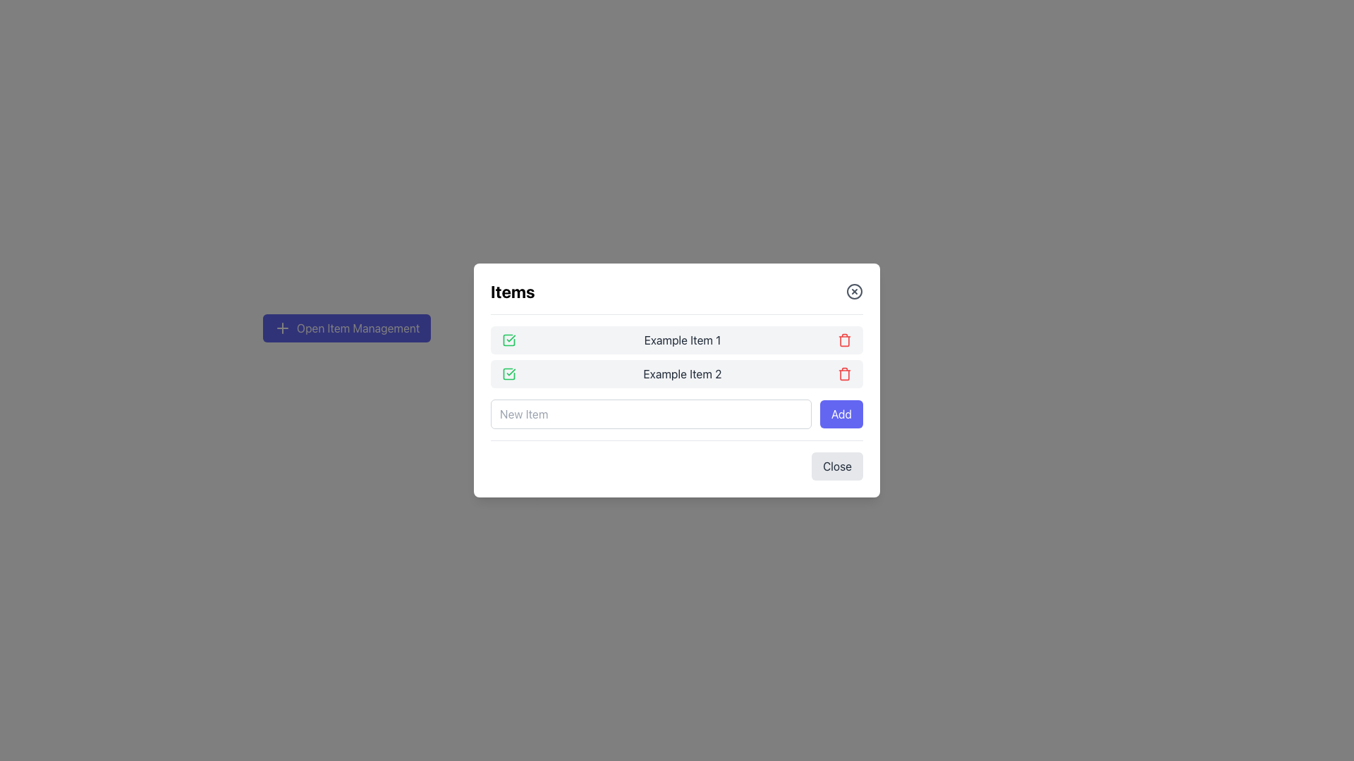 The image size is (1354, 761). I want to click on the status indicator icon for the item row labeled 'Example Item 1', which is located at the leftmost side of the row, so click(508, 340).